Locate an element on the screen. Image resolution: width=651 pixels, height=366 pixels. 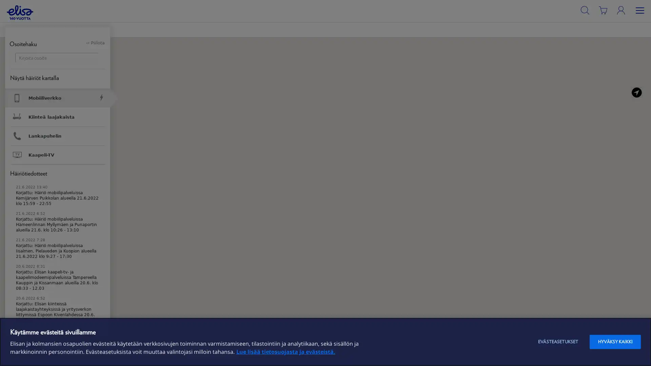
Pienenna is located at coordinates (640, 61).